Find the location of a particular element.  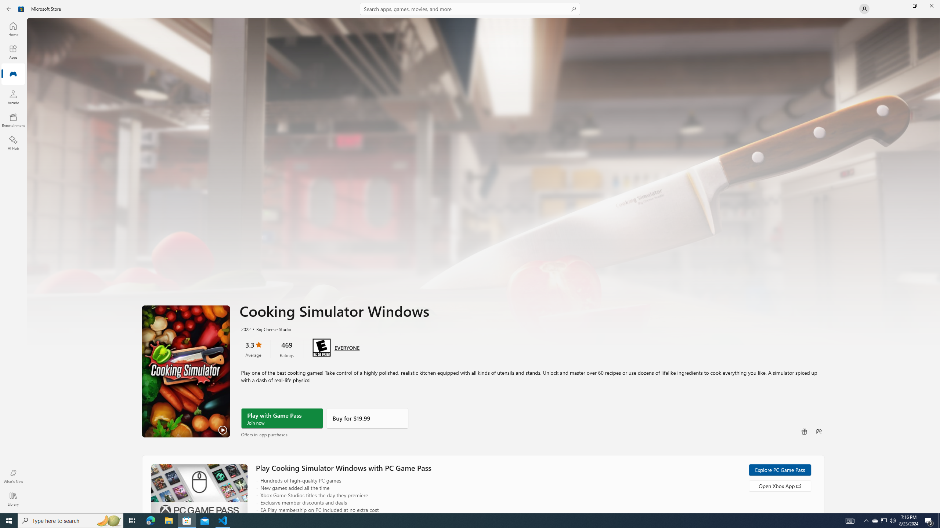

'Big Cheese Studio' is located at coordinates (270, 329).